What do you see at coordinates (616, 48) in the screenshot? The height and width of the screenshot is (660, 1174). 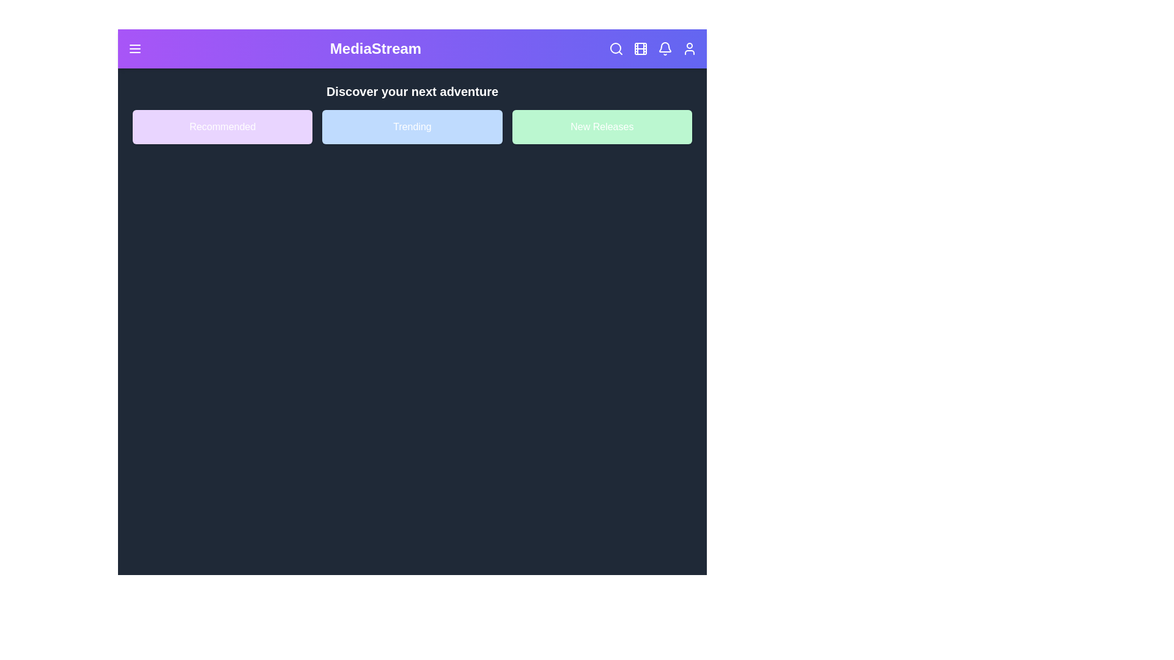 I see `the search icon in the header` at bounding box center [616, 48].